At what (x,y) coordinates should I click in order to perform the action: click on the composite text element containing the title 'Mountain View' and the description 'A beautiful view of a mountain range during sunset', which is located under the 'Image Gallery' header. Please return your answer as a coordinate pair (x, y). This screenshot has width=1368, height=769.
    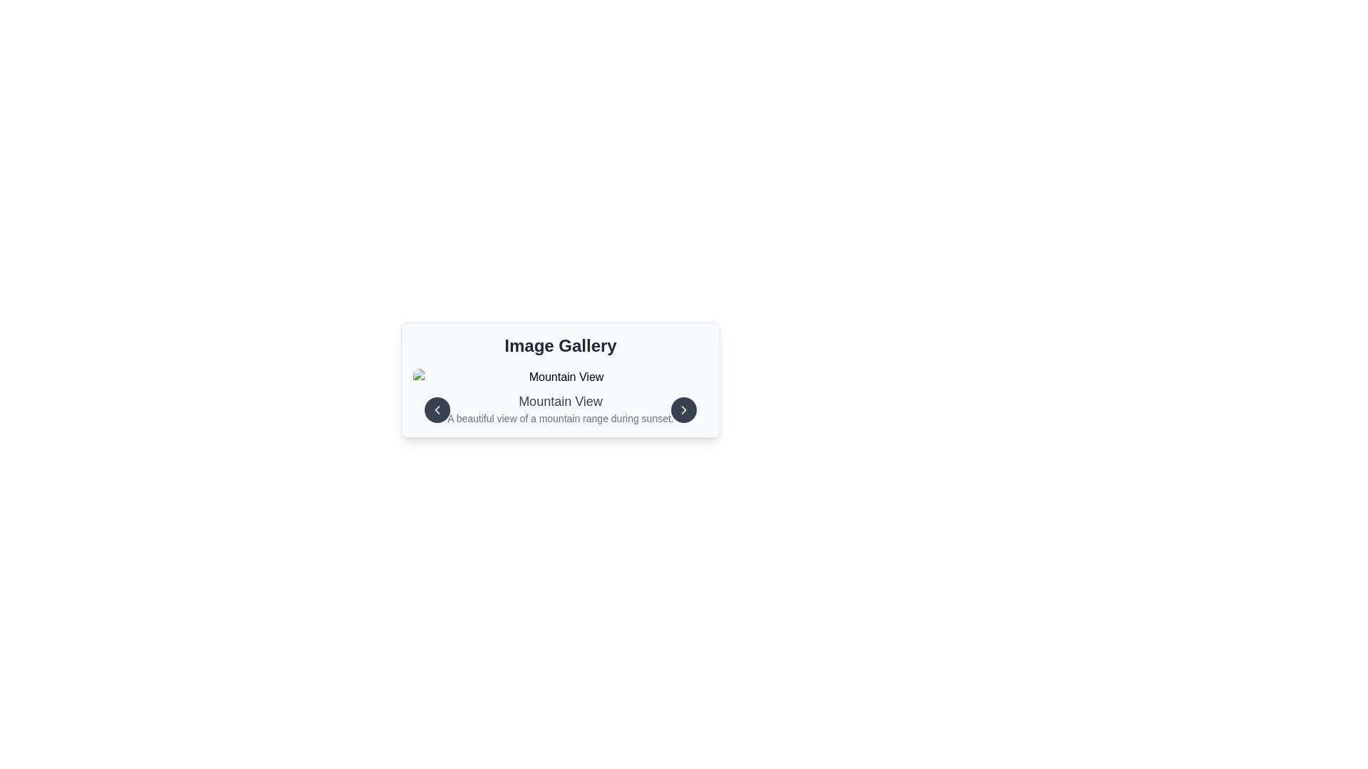
    Looking at the image, I should click on (560, 397).